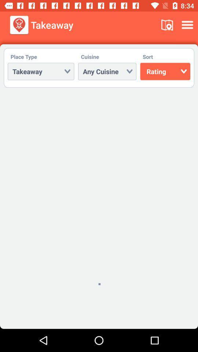 This screenshot has width=198, height=352. Describe the element at coordinates (107, 71) in the screenshot. I see `the dropdown next to takeway` at that location.